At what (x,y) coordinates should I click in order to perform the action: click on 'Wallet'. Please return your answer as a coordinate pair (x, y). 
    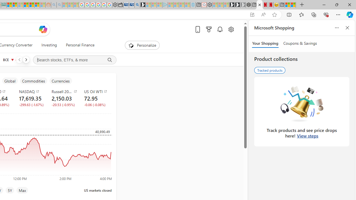
    Looking at the image, I should click on (120, 5).